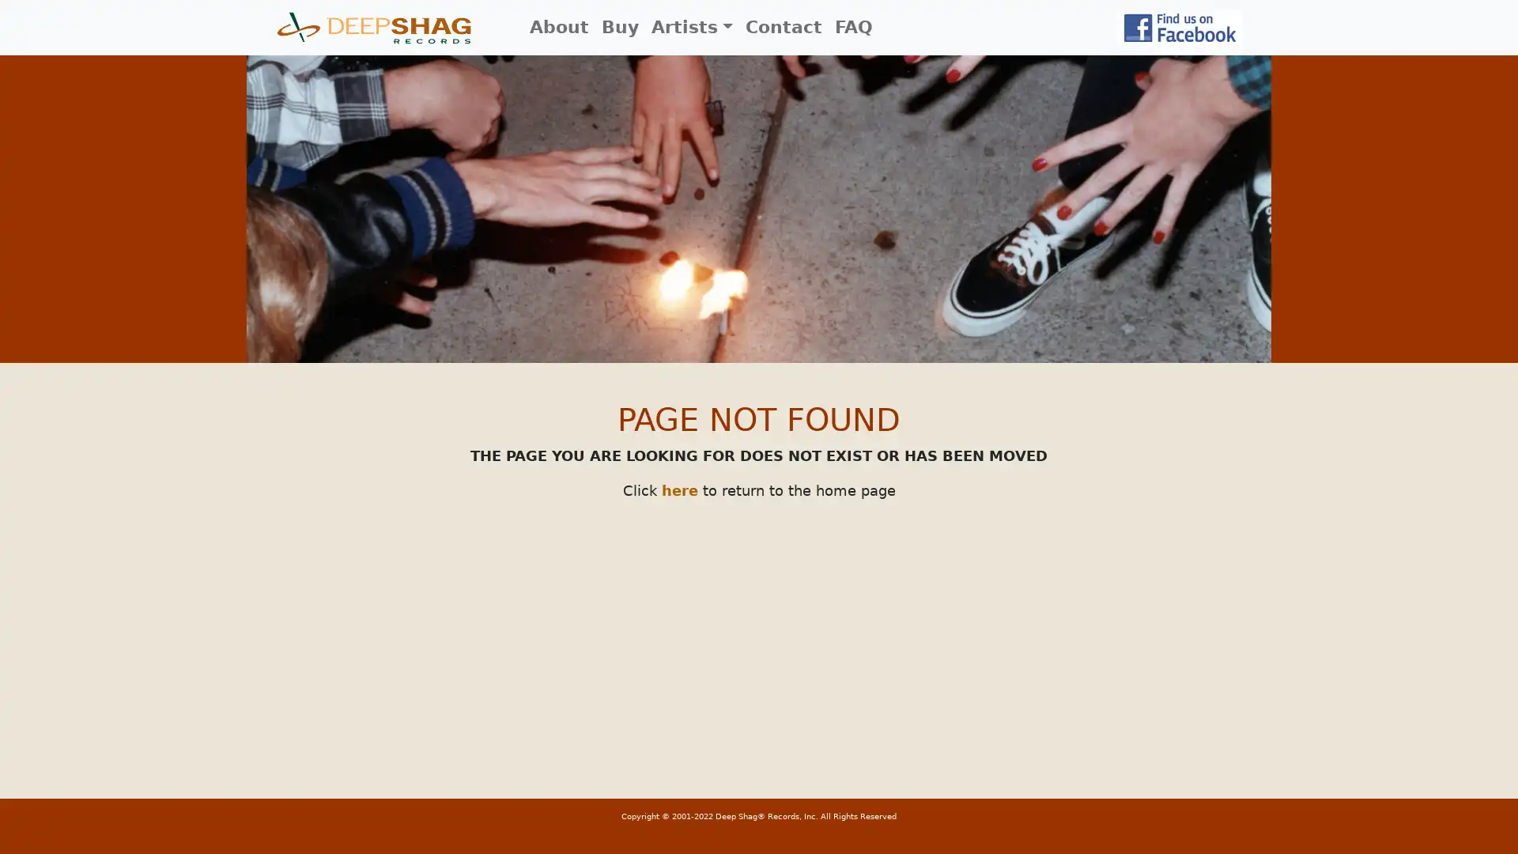 This screenshot has width=1518, height=854. What do you see at coordinates (691, 27) in the screenshot?
I see `Artists` at bounding box center [691, 27].